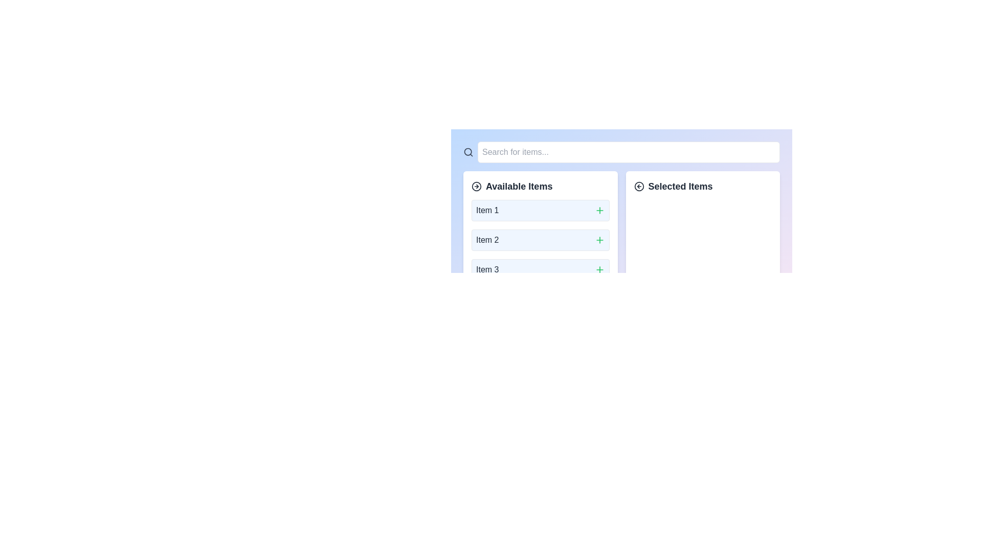  What do you see at coordinates (540, 240) in the screenshot?
I see `the second list item in the 'Available Items' section to interact with the hover effects` at bounding box center [540, 240].